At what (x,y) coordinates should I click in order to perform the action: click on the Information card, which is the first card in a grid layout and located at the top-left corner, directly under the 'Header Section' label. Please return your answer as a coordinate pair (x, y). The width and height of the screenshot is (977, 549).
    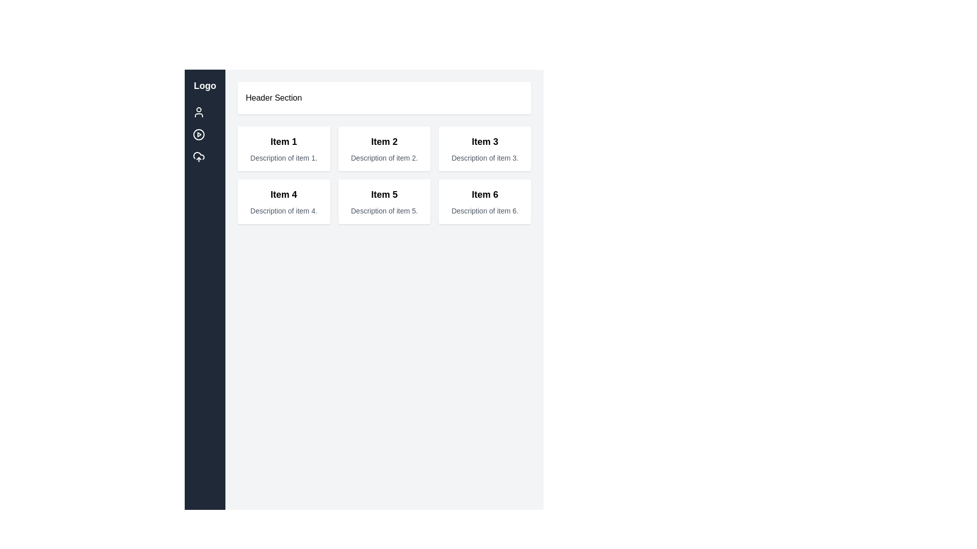
    Looking at the image, I should click on (283, 149).